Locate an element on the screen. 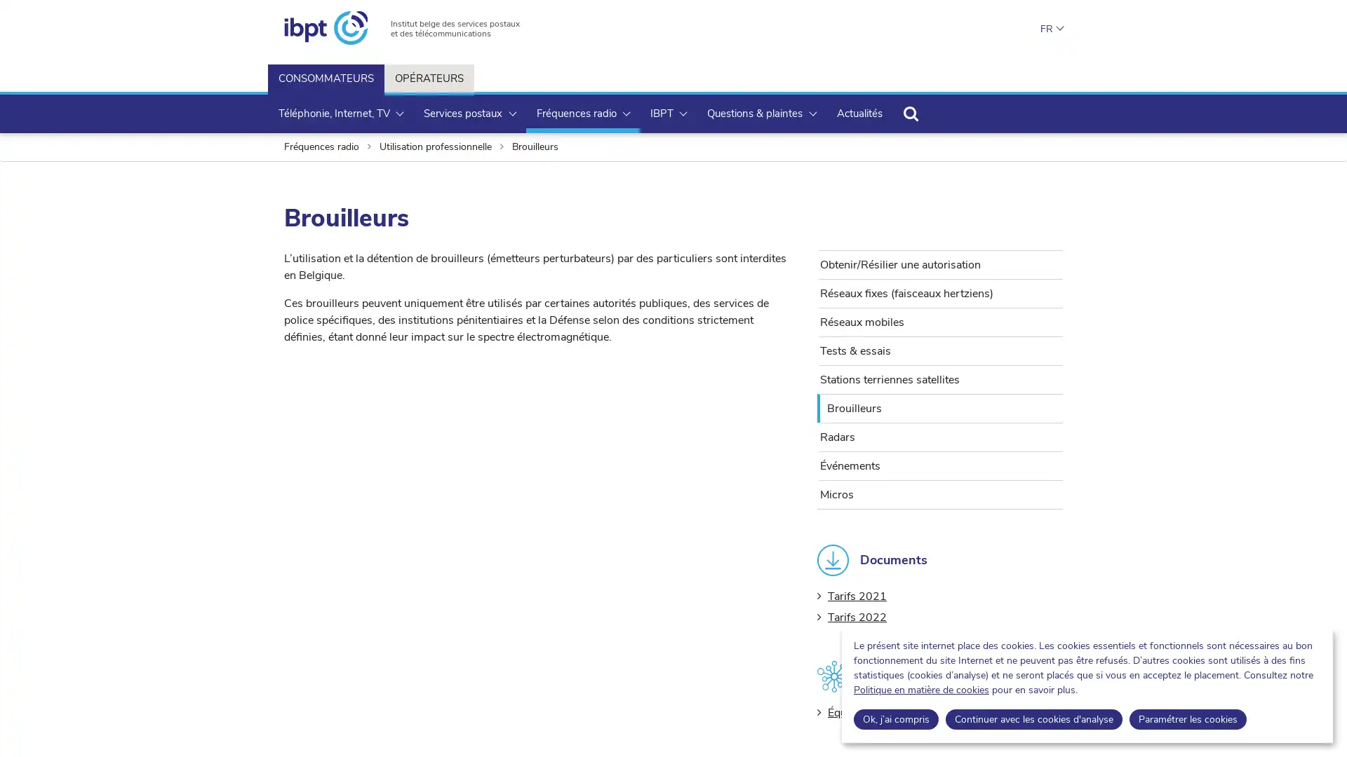  Ok, jai compris is located at coordinates (894, 719).